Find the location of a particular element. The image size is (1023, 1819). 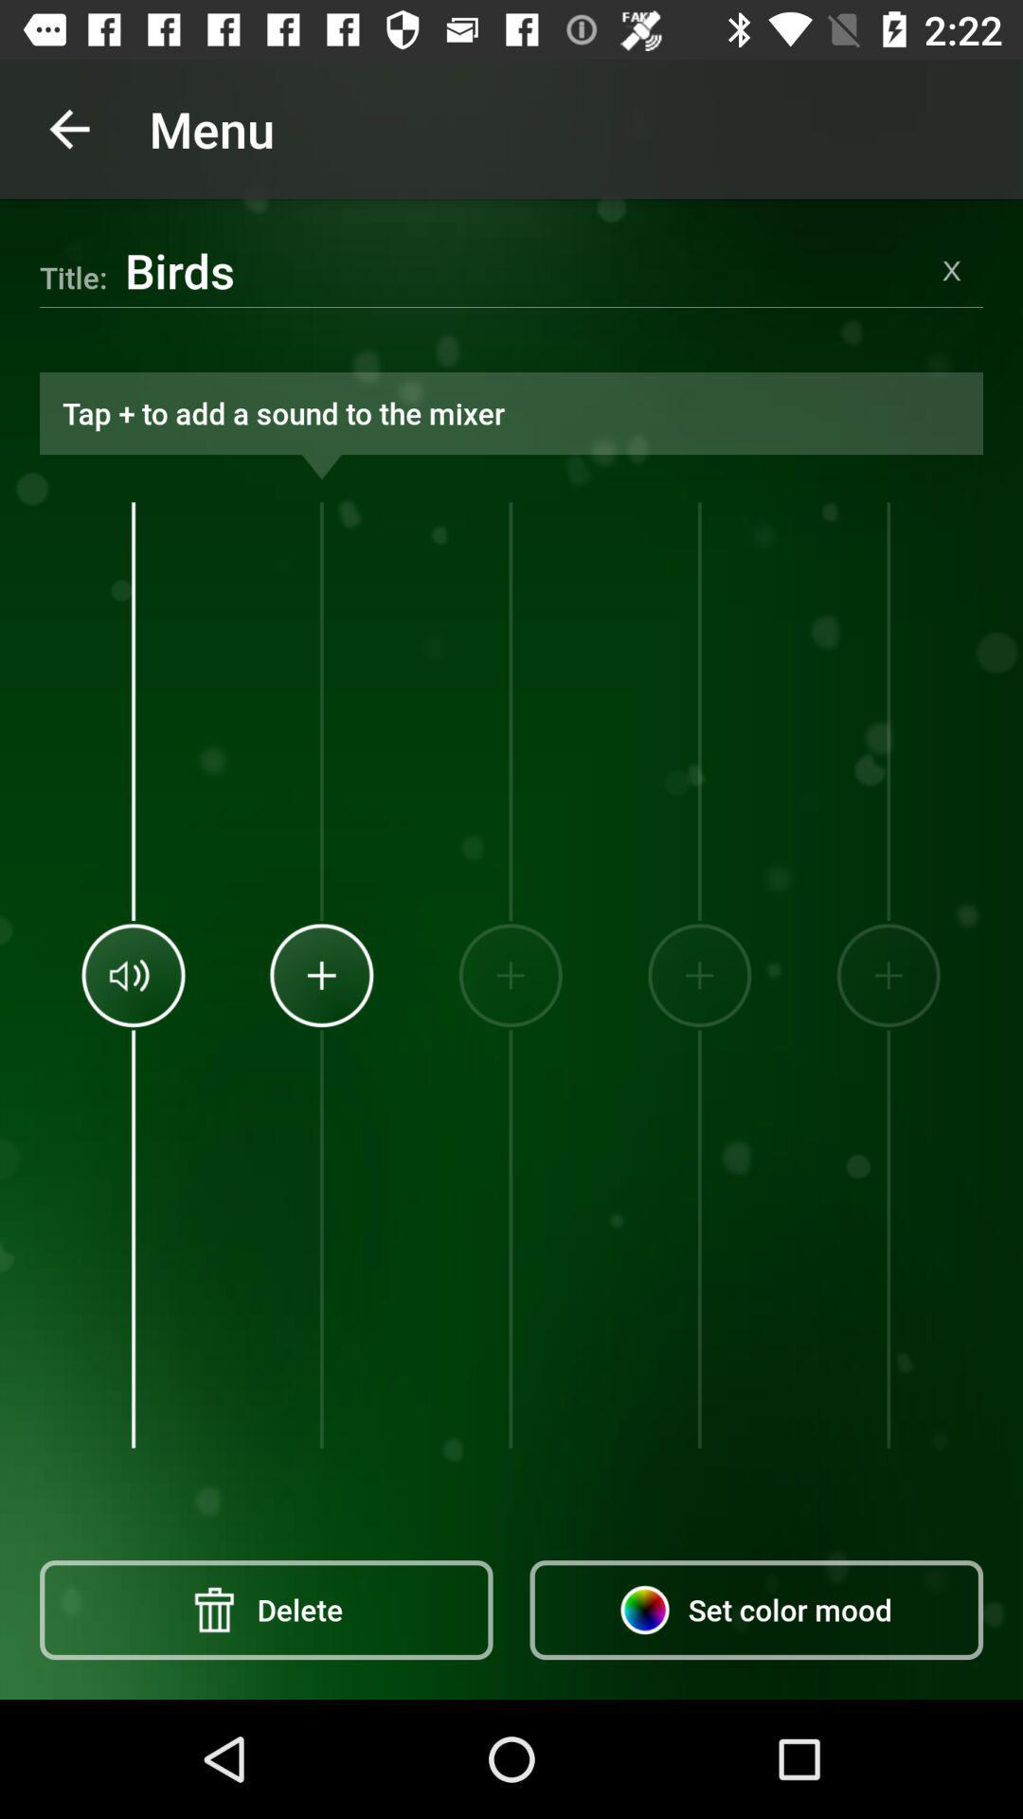

clear title is located at coordinates (952, 269).